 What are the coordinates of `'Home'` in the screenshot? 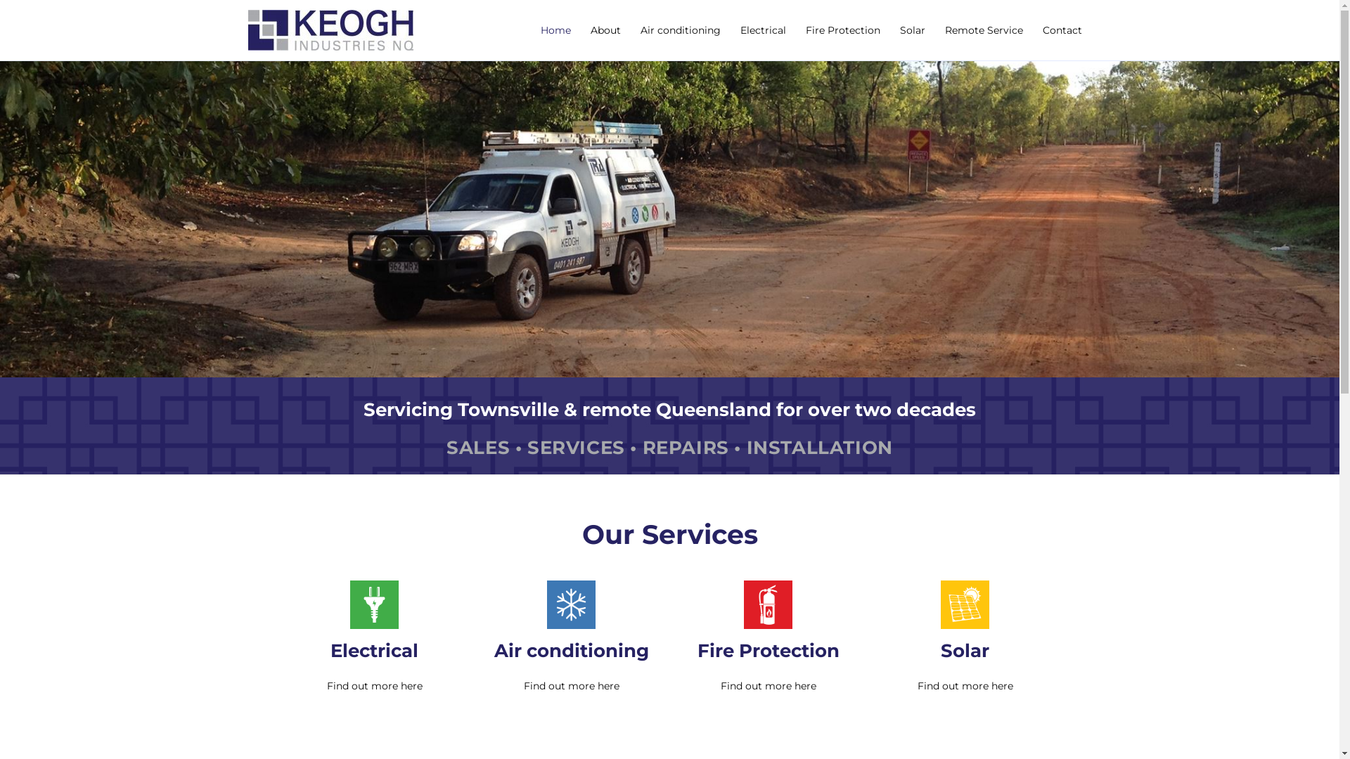 It's located at (554, 30).